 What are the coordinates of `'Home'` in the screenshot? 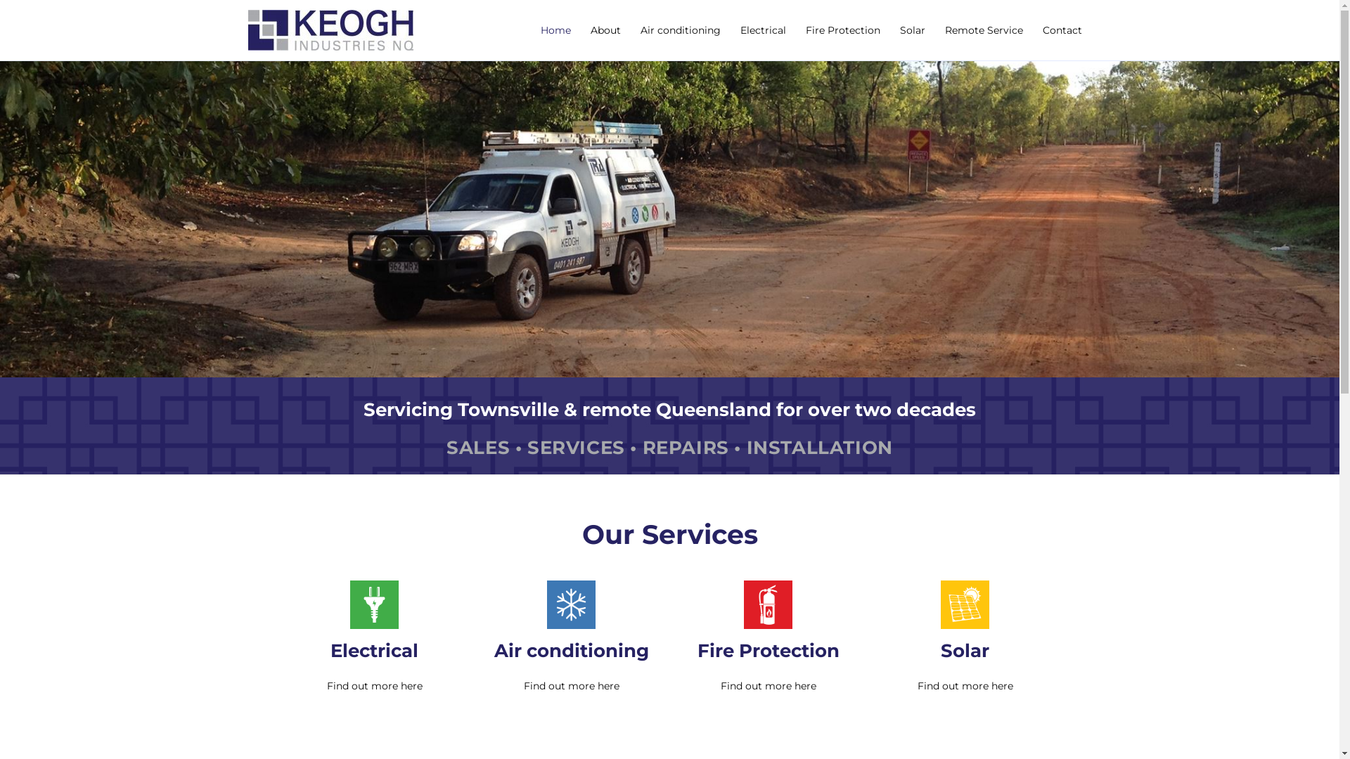 It's located at (554, 30).